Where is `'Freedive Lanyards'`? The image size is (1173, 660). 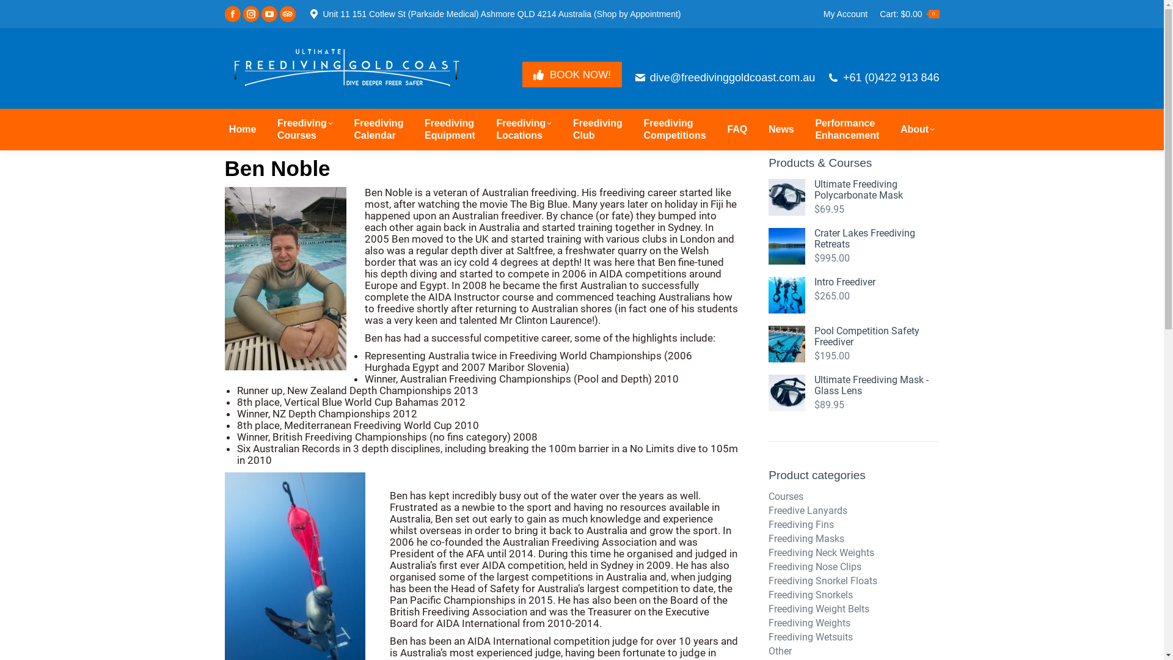 'Freedive Lanyards' is located at coordinates (808, 511).